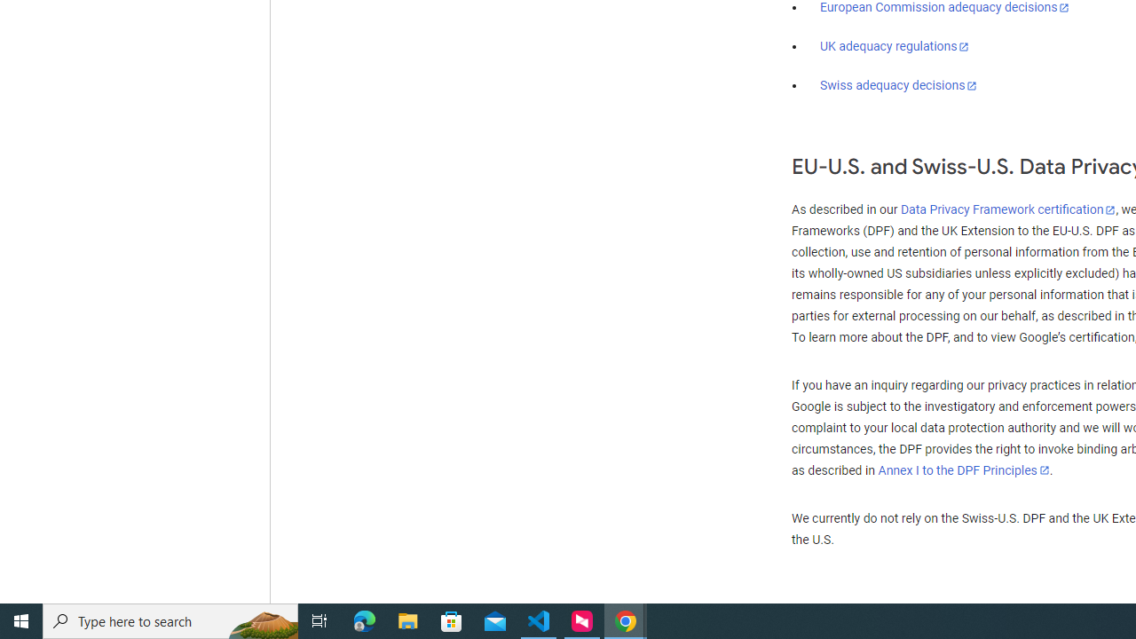 This screenshot has width=1136, height=639. Describe the element at coordinates (899, 85) in the screenshot. I see `'Swiss adequacy decisions'` at that location.